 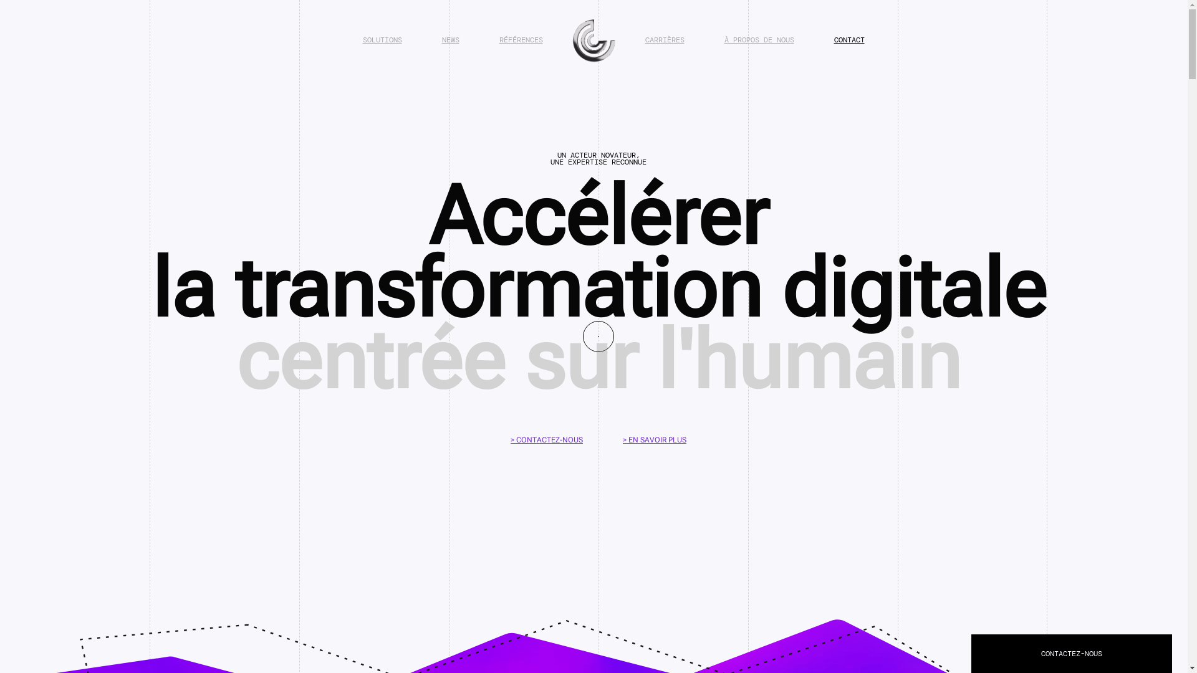 I want to click on 'SOLUTIONS', so click(x=382, y=39).